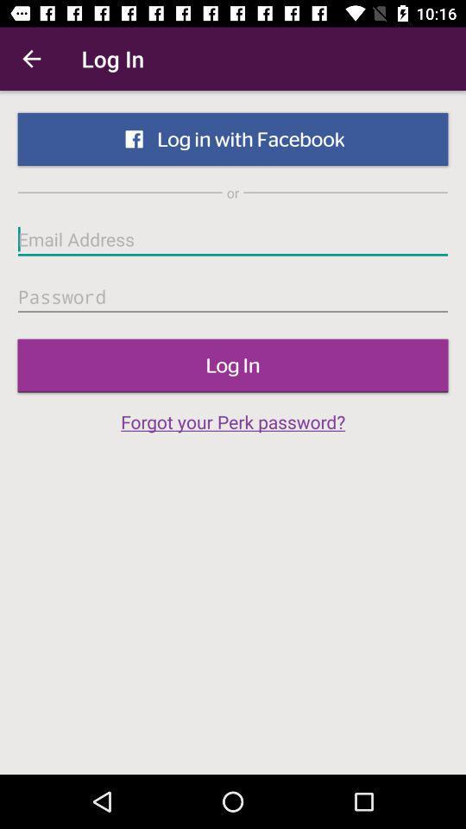 This screenshot has width=466, height=829. What do you see at coordinates (31, 59) in the screenshot?
I see `icon to the left of the log in icon` at bounding box center [31, 59].